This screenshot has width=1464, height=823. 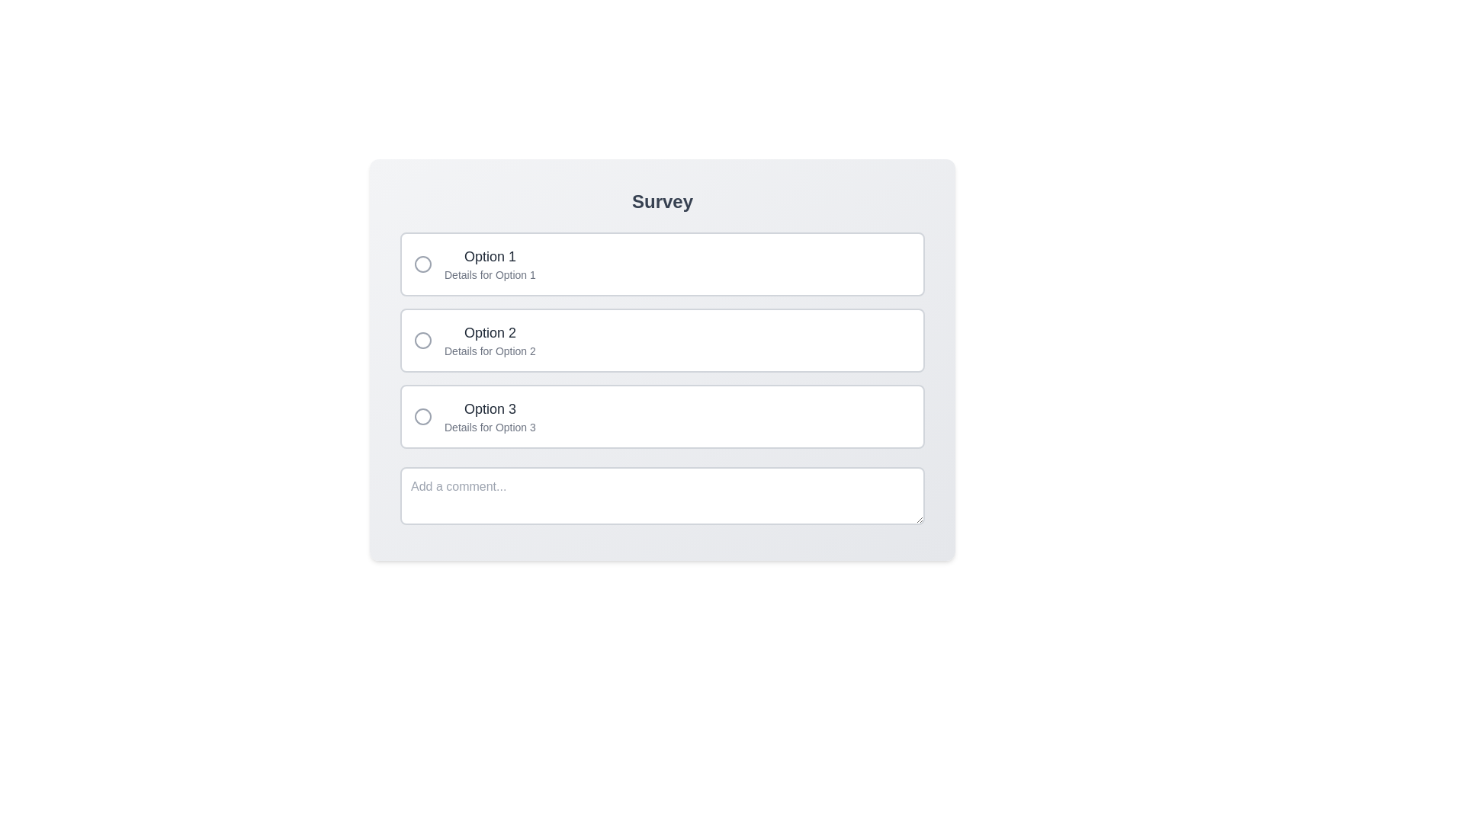 What do you see at coordinates (423, 340) in the screenshot?
I see `the second radio button labeled 'Option 2' in the survey form` at bounding box center [423, 340].